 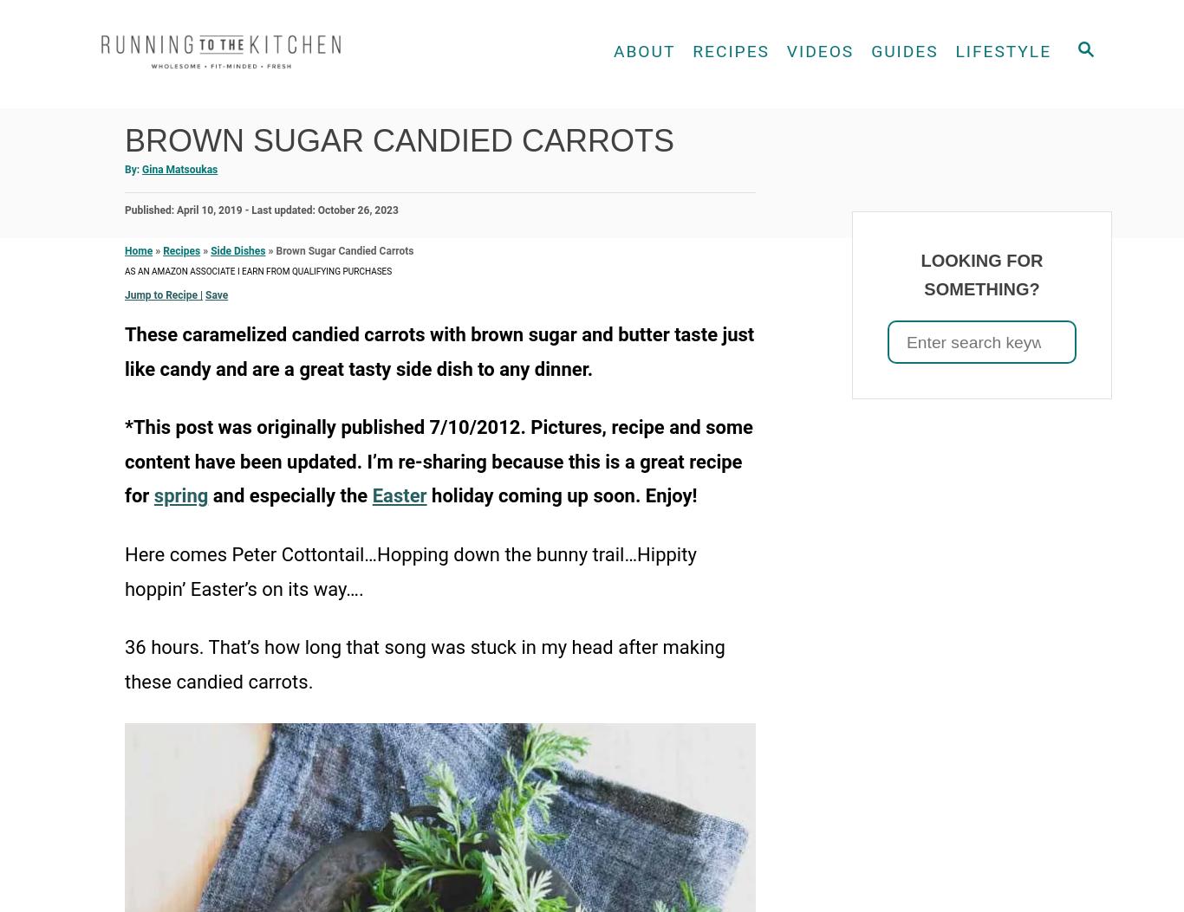 I want to click on 'Snacks', so click(x=621, y=488).